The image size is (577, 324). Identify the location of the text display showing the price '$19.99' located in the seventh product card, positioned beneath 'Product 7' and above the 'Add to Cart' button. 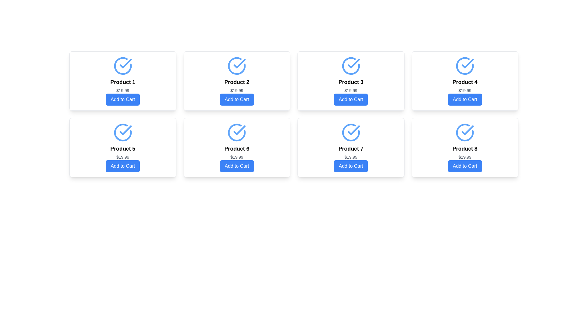
(351, 157).